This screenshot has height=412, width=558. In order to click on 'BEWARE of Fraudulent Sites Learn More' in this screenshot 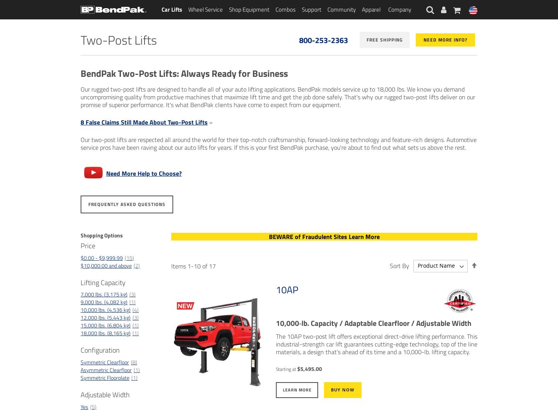, I will do `click(324, 236)`.